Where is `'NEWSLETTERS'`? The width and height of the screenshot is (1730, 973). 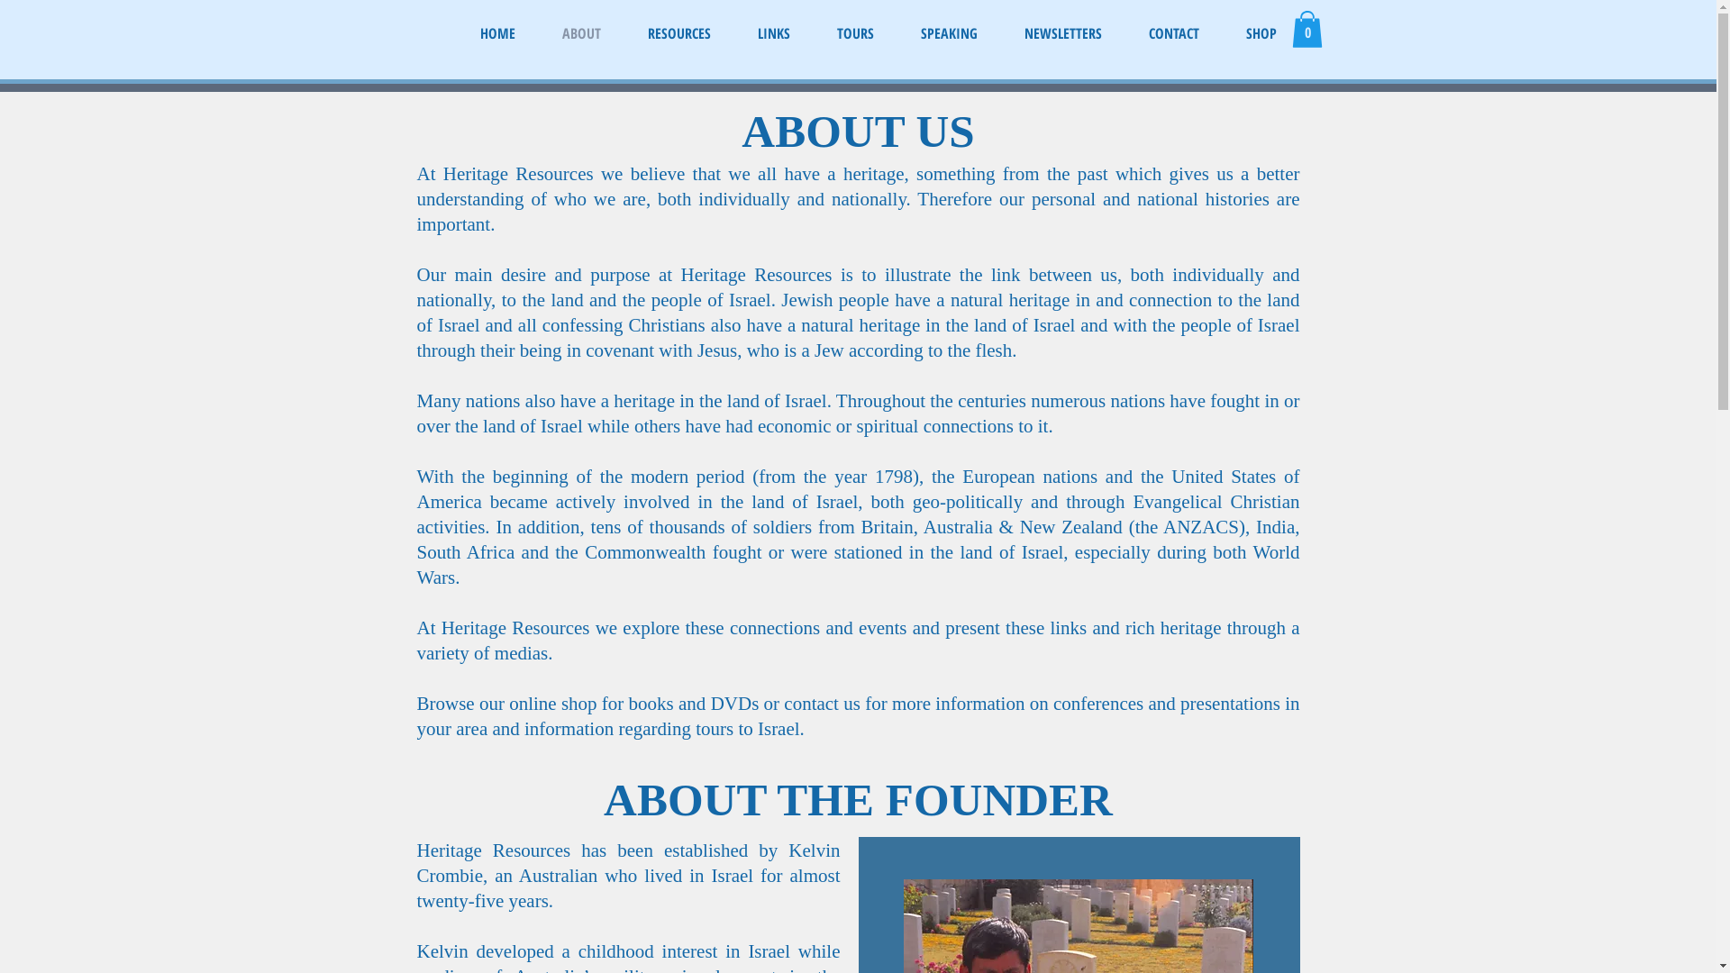 'NEWSLETTERS' is located at coordinates (998, 30).